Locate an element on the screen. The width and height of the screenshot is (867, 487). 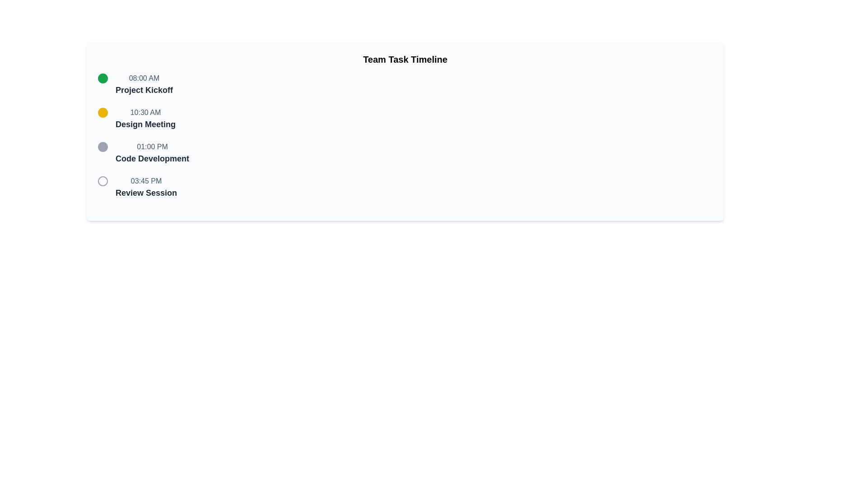
the gray Status Indicator aligned horizontally to the left of the text 'Code Development' in the third row of the vertical timeline is located at coordinates (103, 147).